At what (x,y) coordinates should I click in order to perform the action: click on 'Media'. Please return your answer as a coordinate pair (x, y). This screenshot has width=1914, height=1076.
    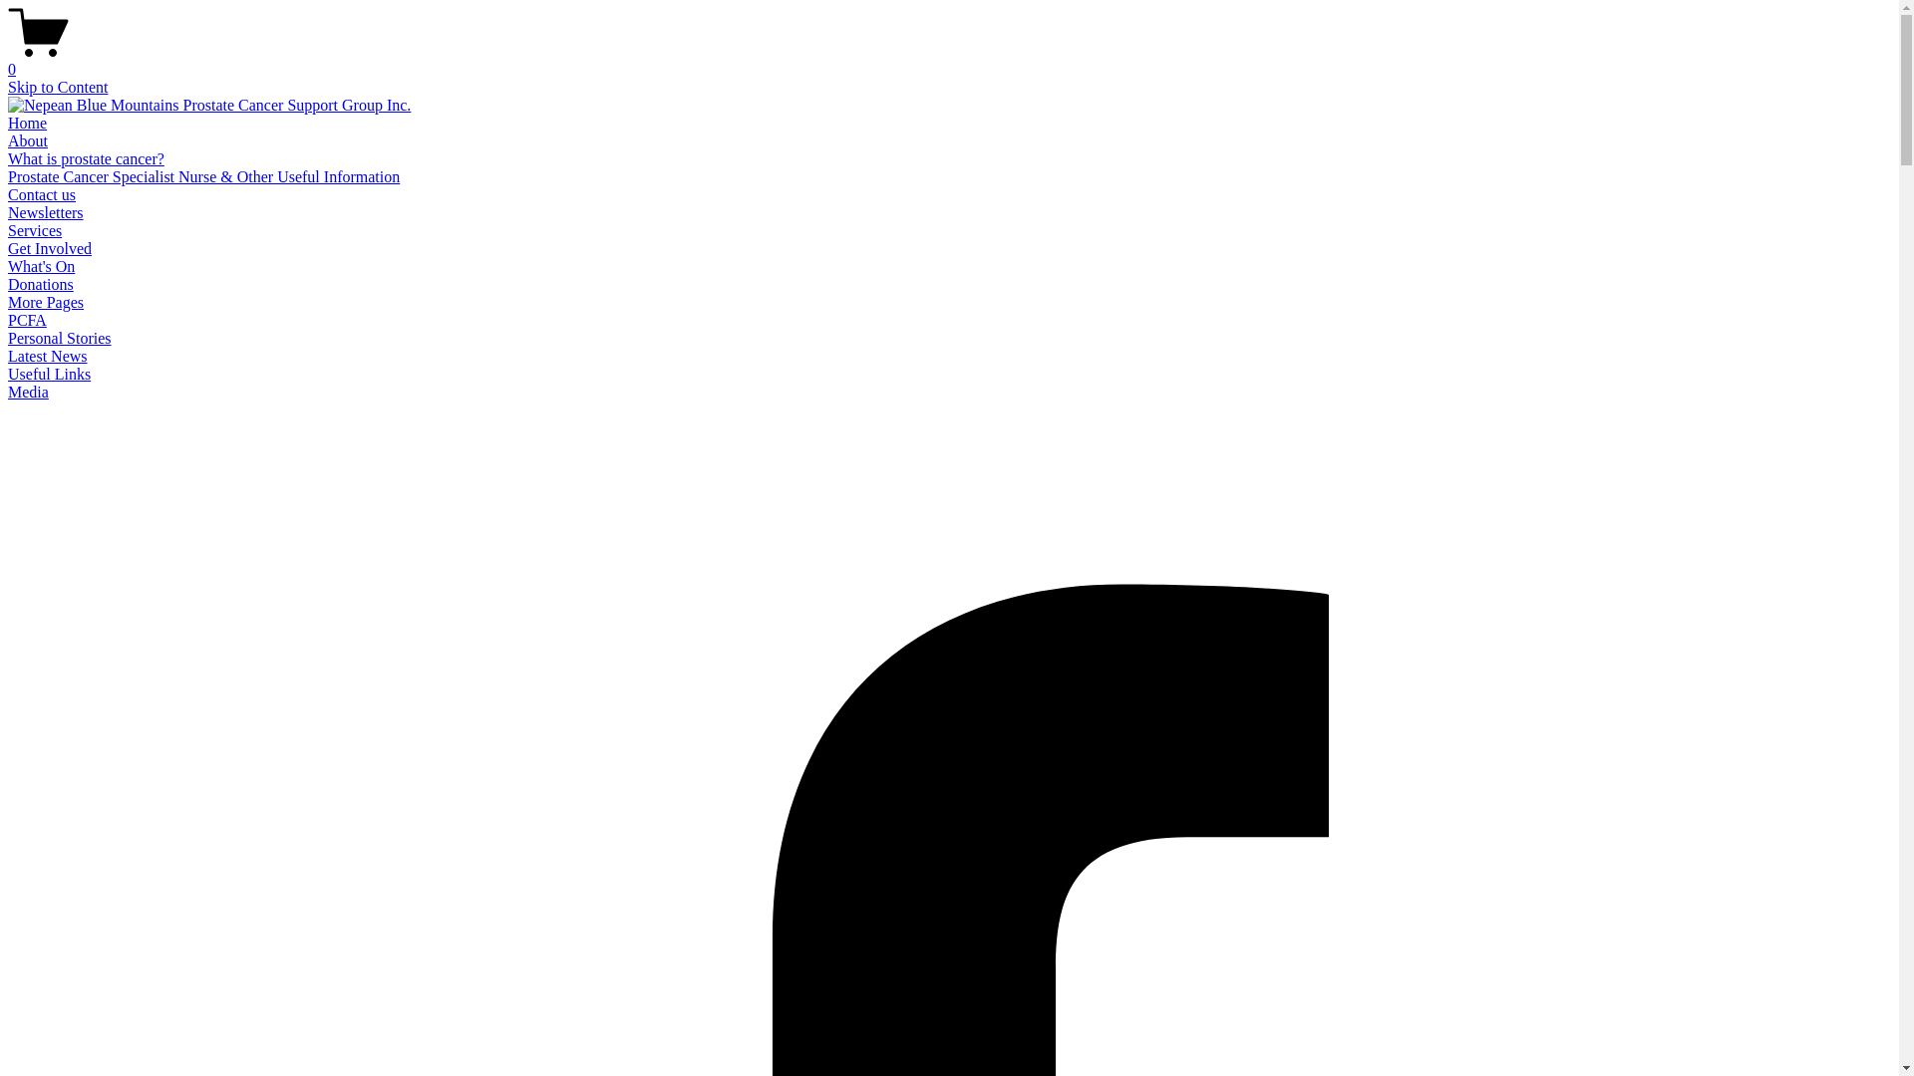
    Looking at the image, I should click on (28, 392).